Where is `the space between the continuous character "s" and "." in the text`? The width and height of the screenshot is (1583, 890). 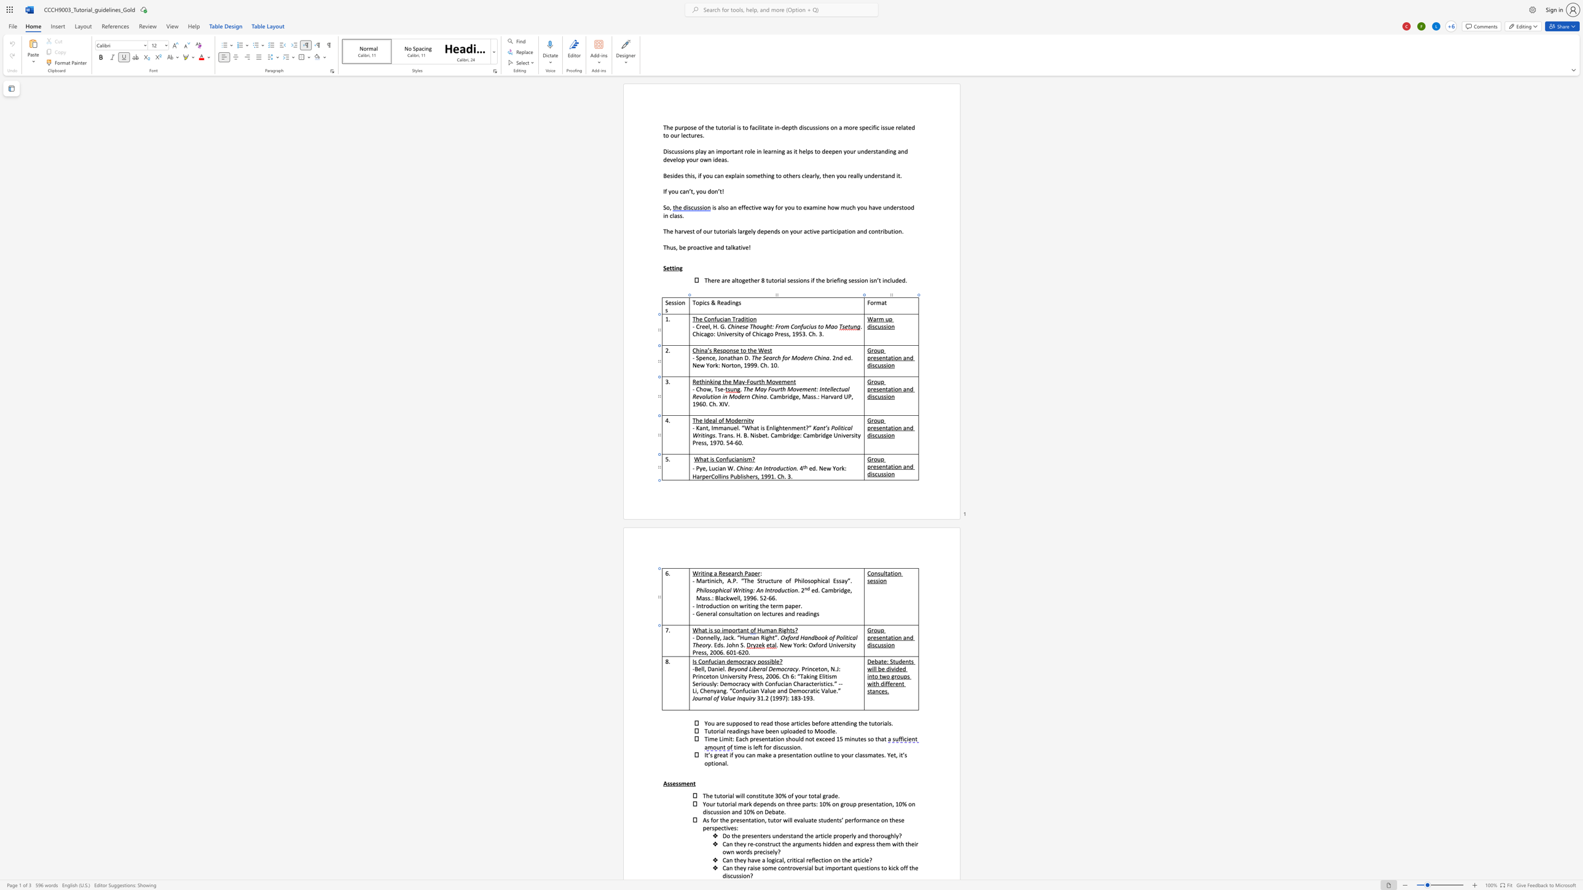
the space between the continuous character "s" and "." in the text is located at coordinates (710, 597).